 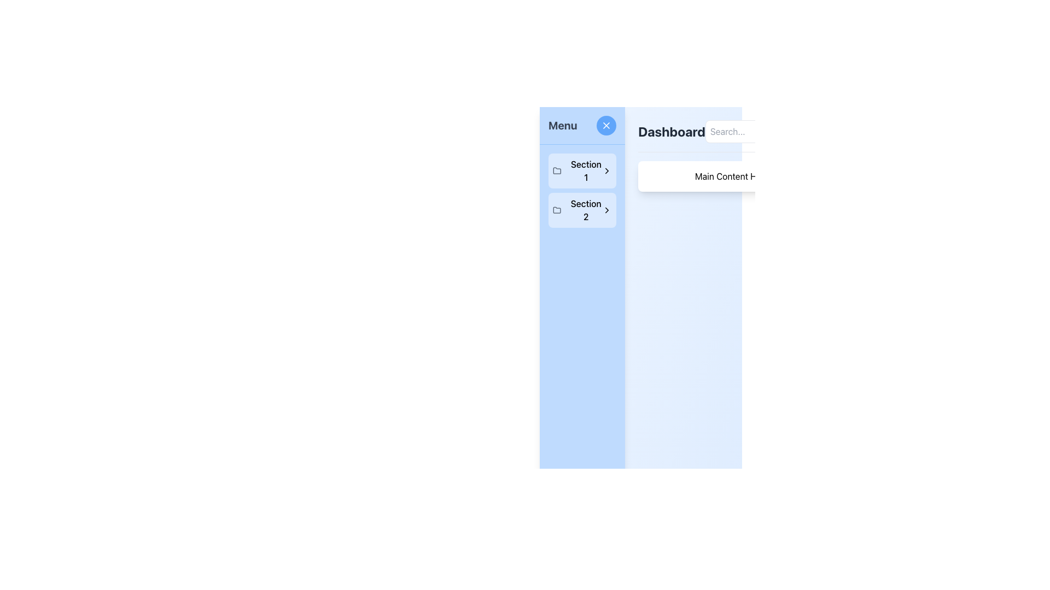 What do you see at coordinates (606, 210) in the screenshot?
I see `the chevron icon next to the 'Section 2' label on the blue sidebar` at bounding box center [606, 210].